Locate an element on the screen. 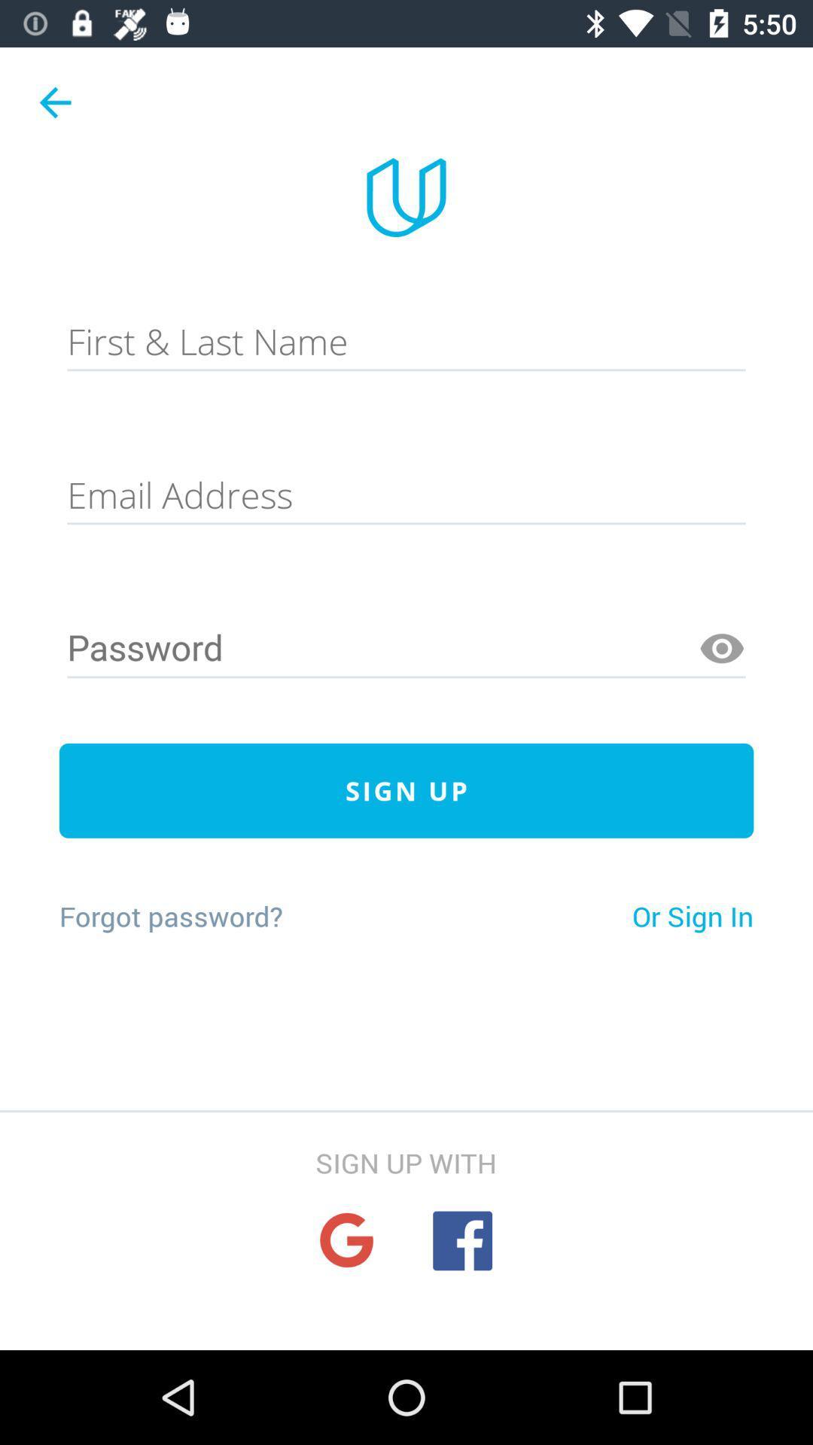  use google account to sign up is located at coordinates (346, 1240).